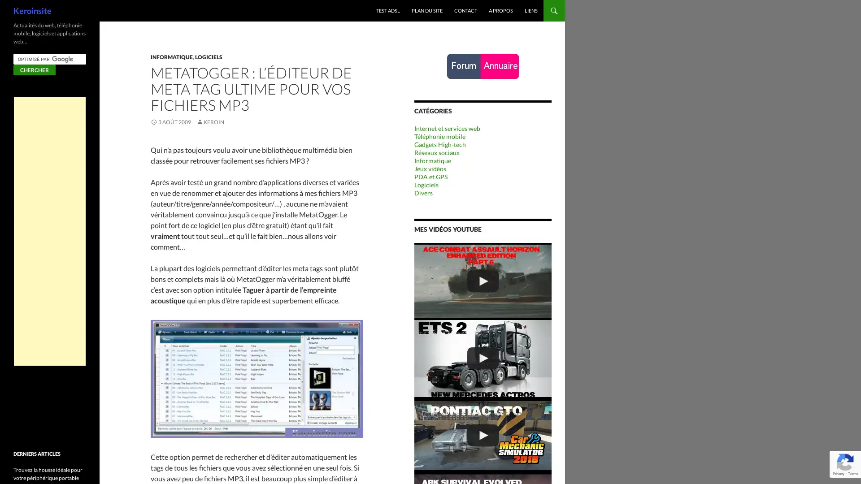  I want to click on Chercher, so click(34, 69).